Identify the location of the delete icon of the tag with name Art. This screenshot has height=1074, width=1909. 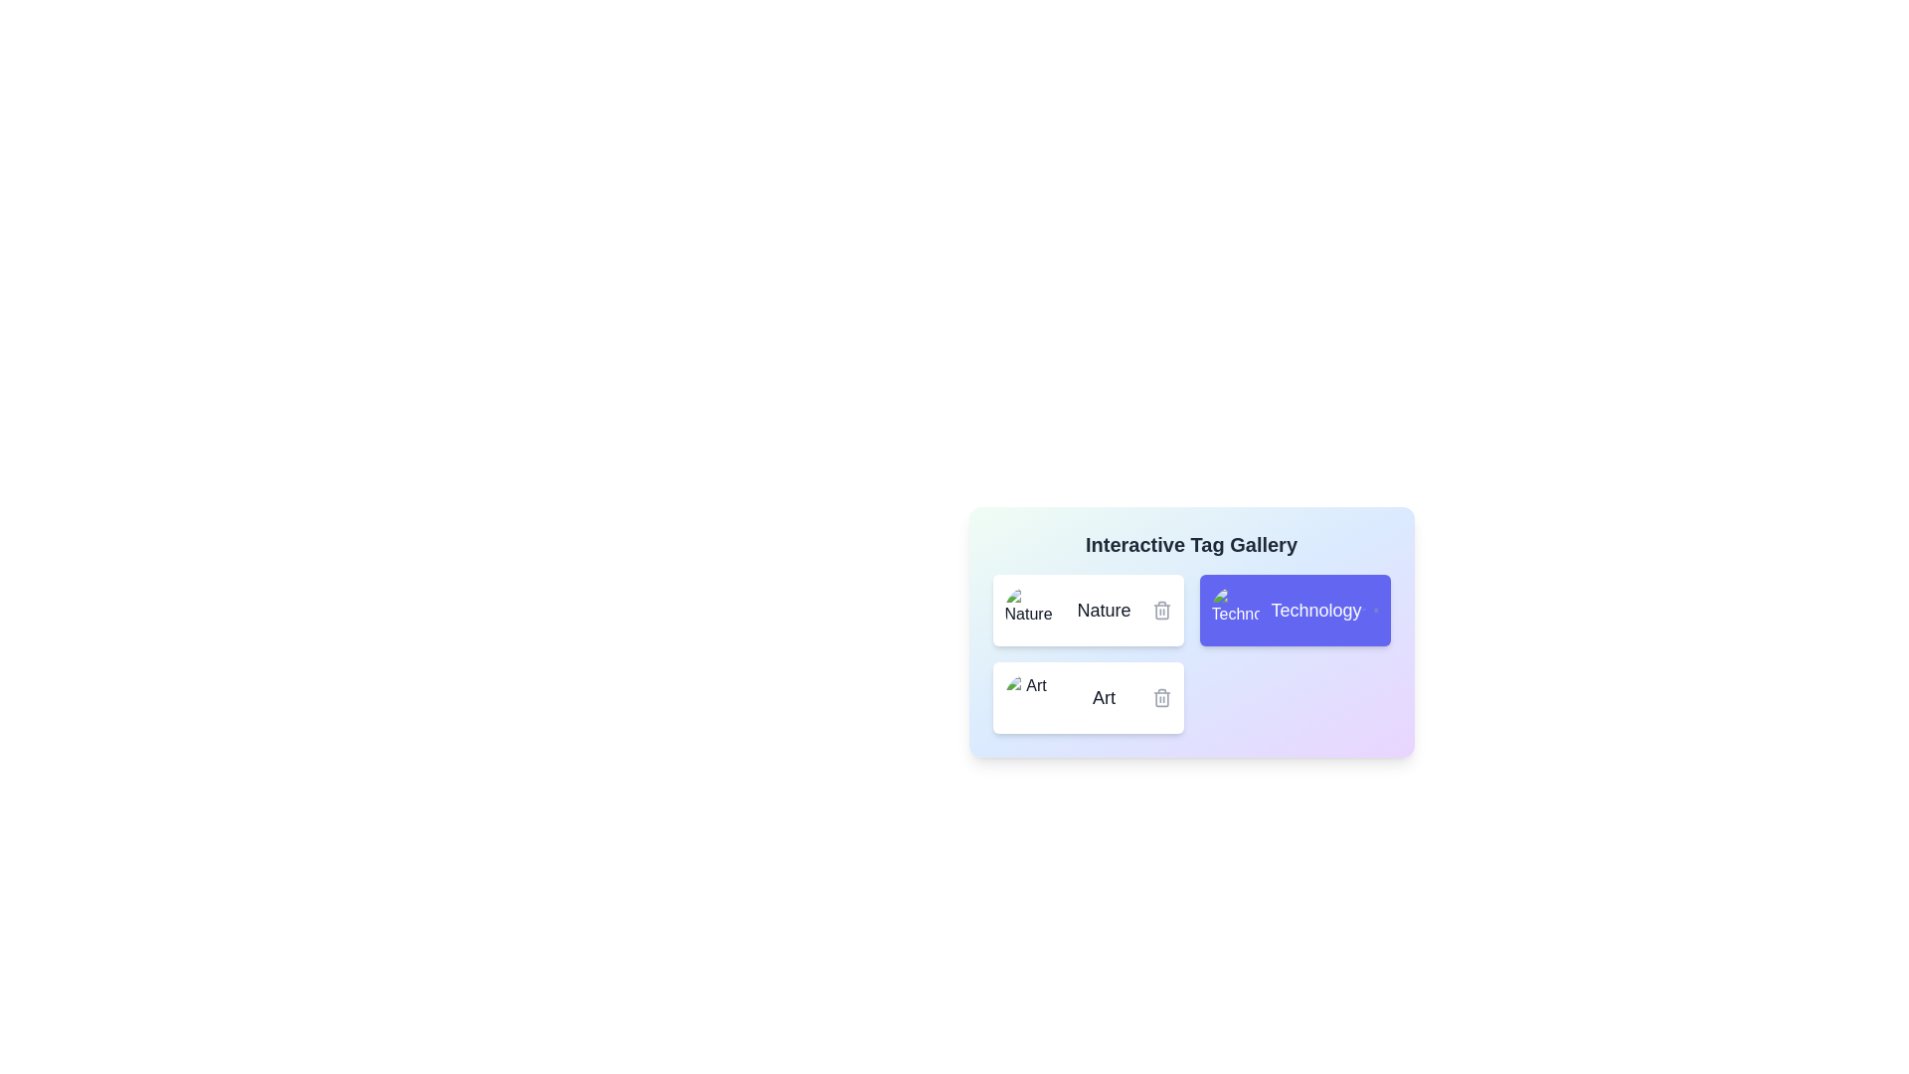
(1161, 697).